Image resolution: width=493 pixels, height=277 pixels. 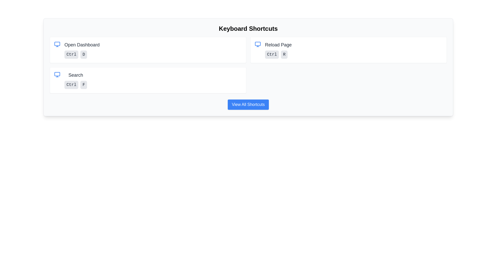 I want to click on the 'Ctrl' or 'F' keys shortcut indication located below the 'Open Dashboard' shortcut, so click(x=75, y=80).